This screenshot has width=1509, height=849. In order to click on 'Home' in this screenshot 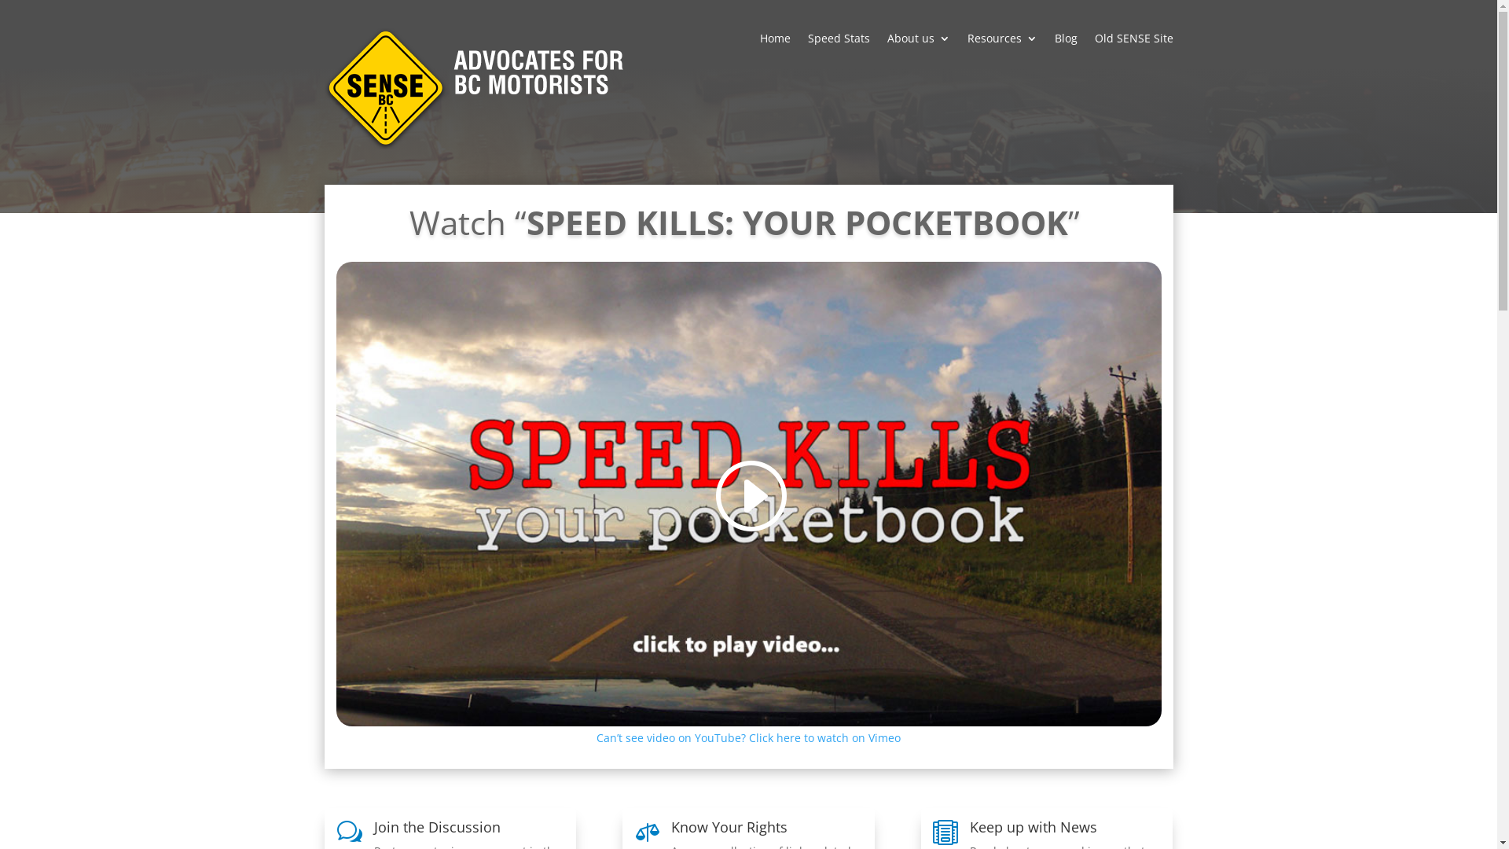, I will do `click(774, 49)`.